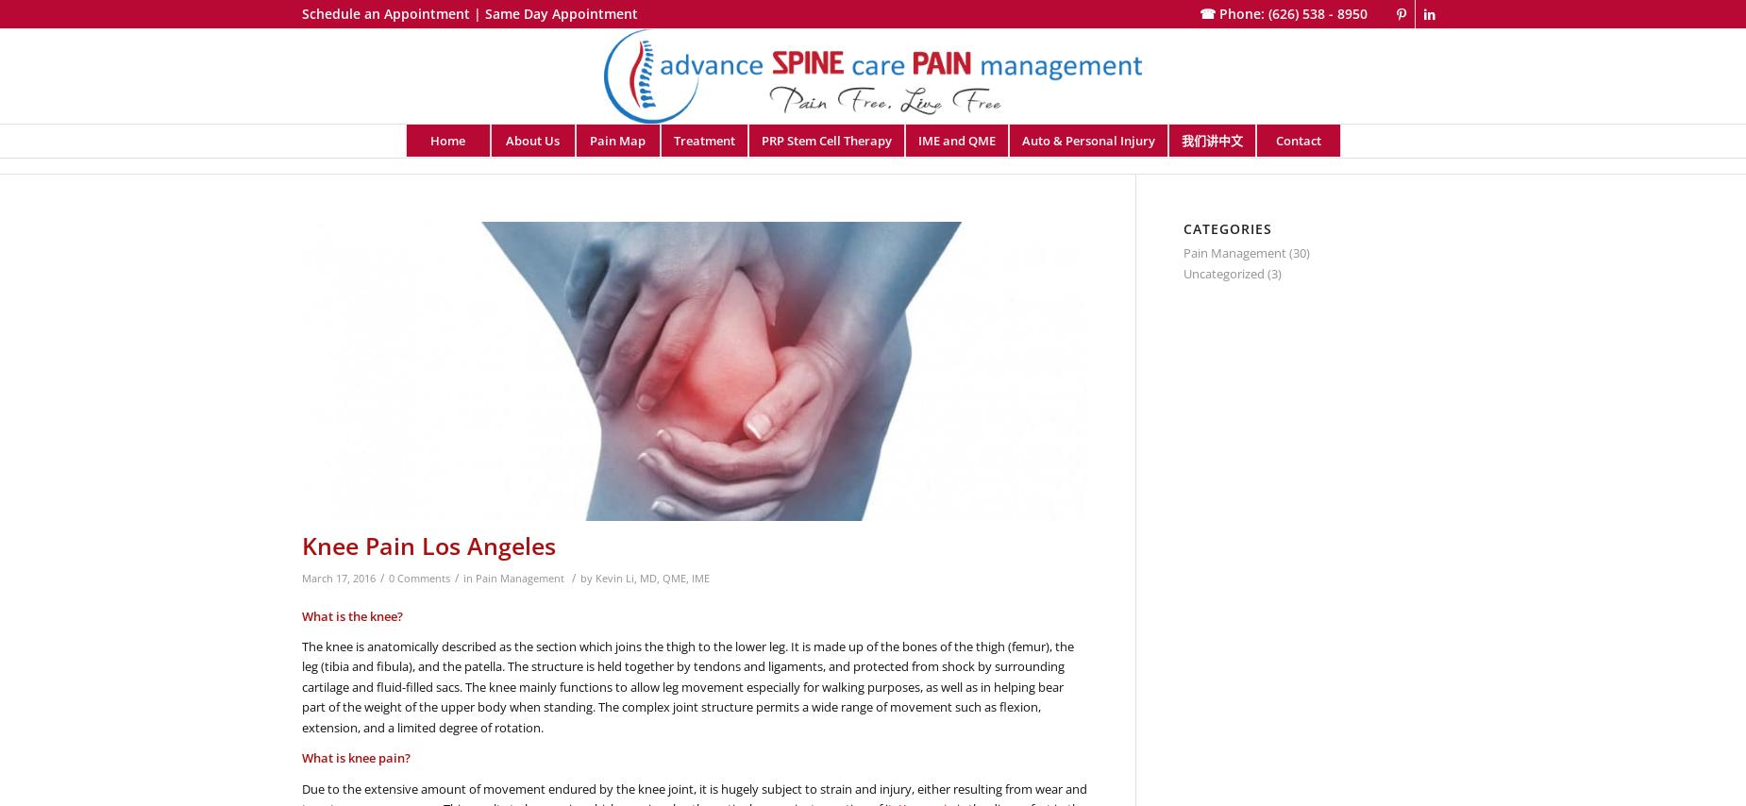  I want to click on 'About Us', so click(532, 140).